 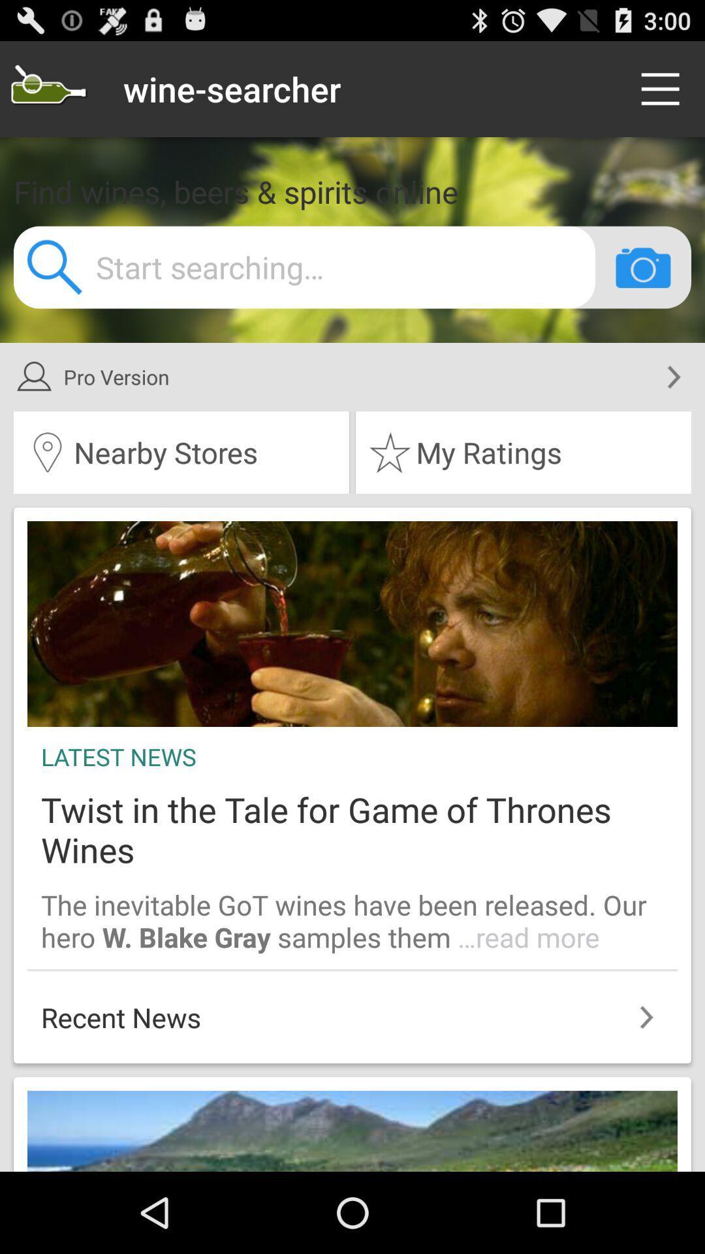 What do you see at coordinates (181, 452) in the screenshot?
I see `nearby stores` at bounding box center [181, 452].